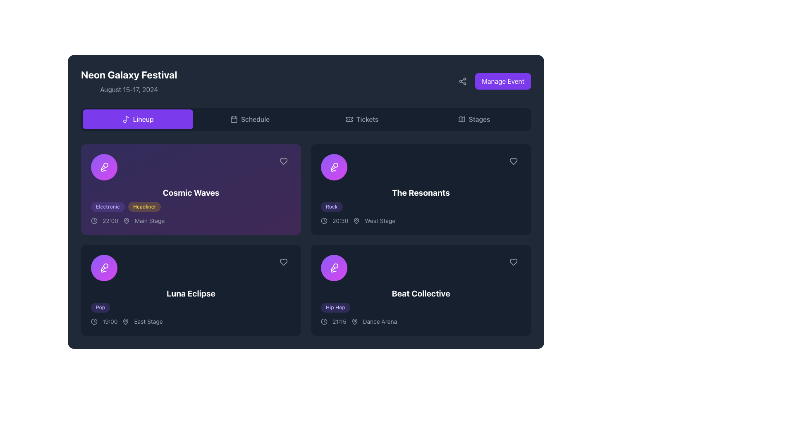  What do you see at coordinates (323, 321) in the screenshot?
I see `the circular segment of the SVG clock icon located in the bottom right quadrant of the interface, near the event card titled 'Beat Collective'` at bounding box center [323, 321].